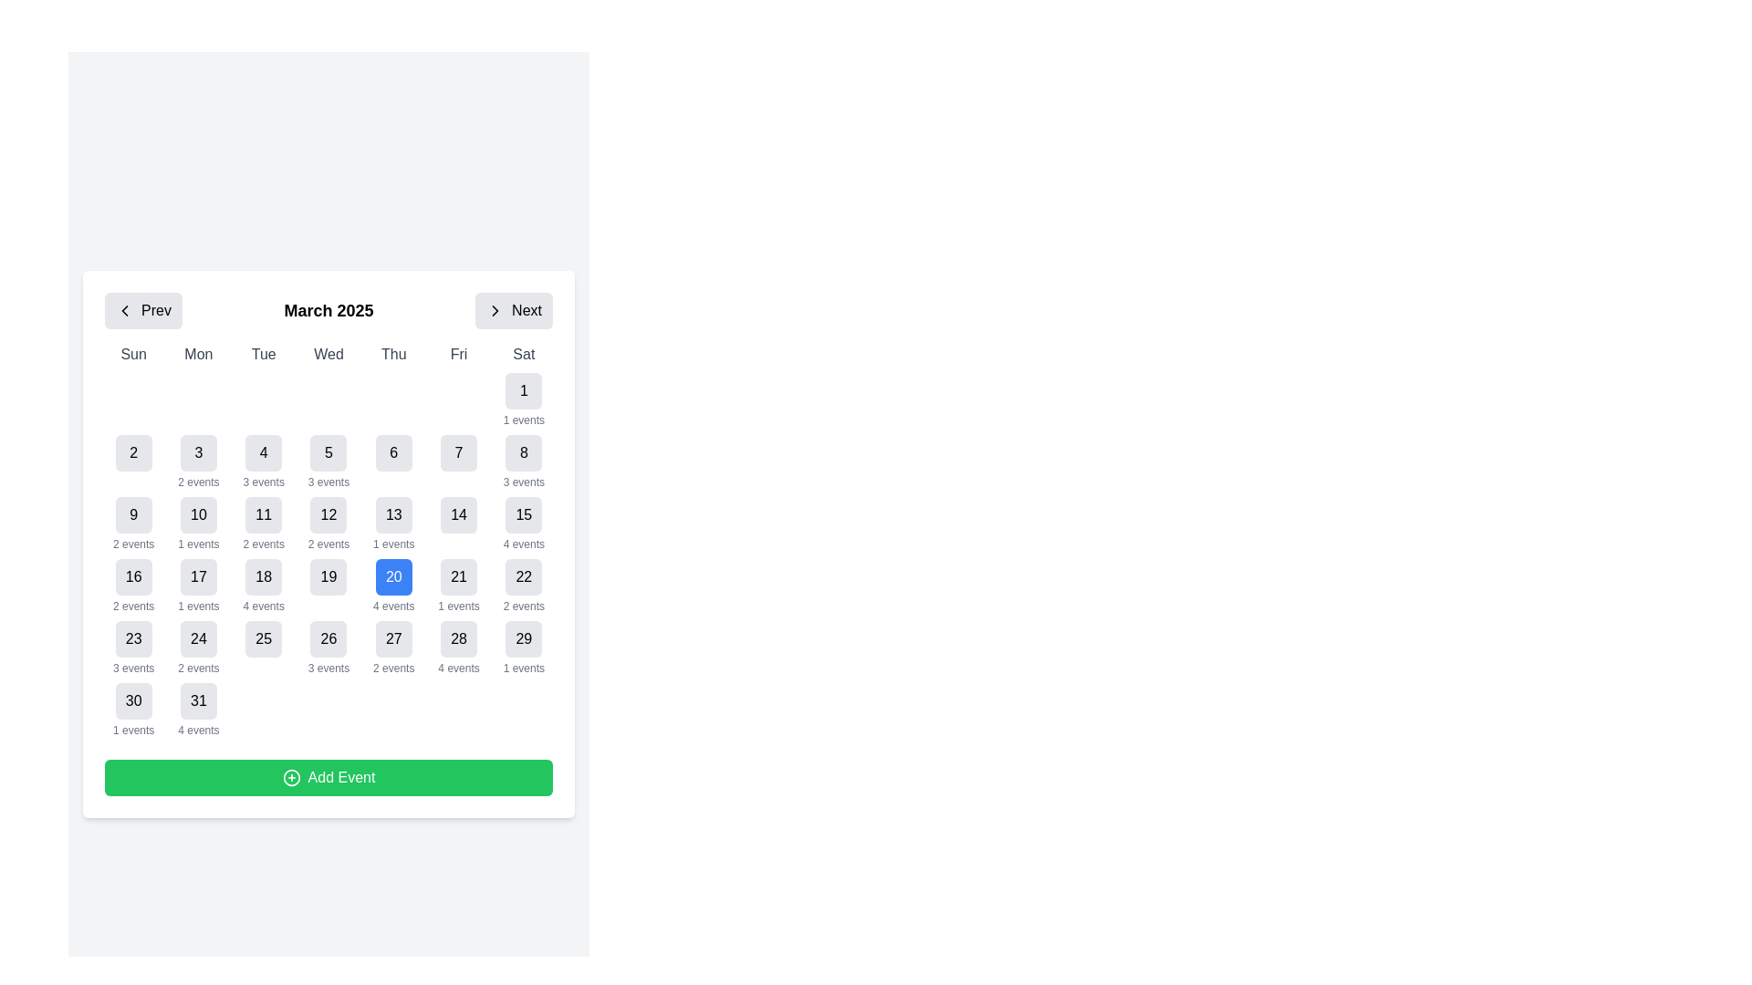  Describe the element at coordinates (523, 586) in the screenshot. I see `the Calendar Day Tile displaying '22' with '2 events'` at that location.